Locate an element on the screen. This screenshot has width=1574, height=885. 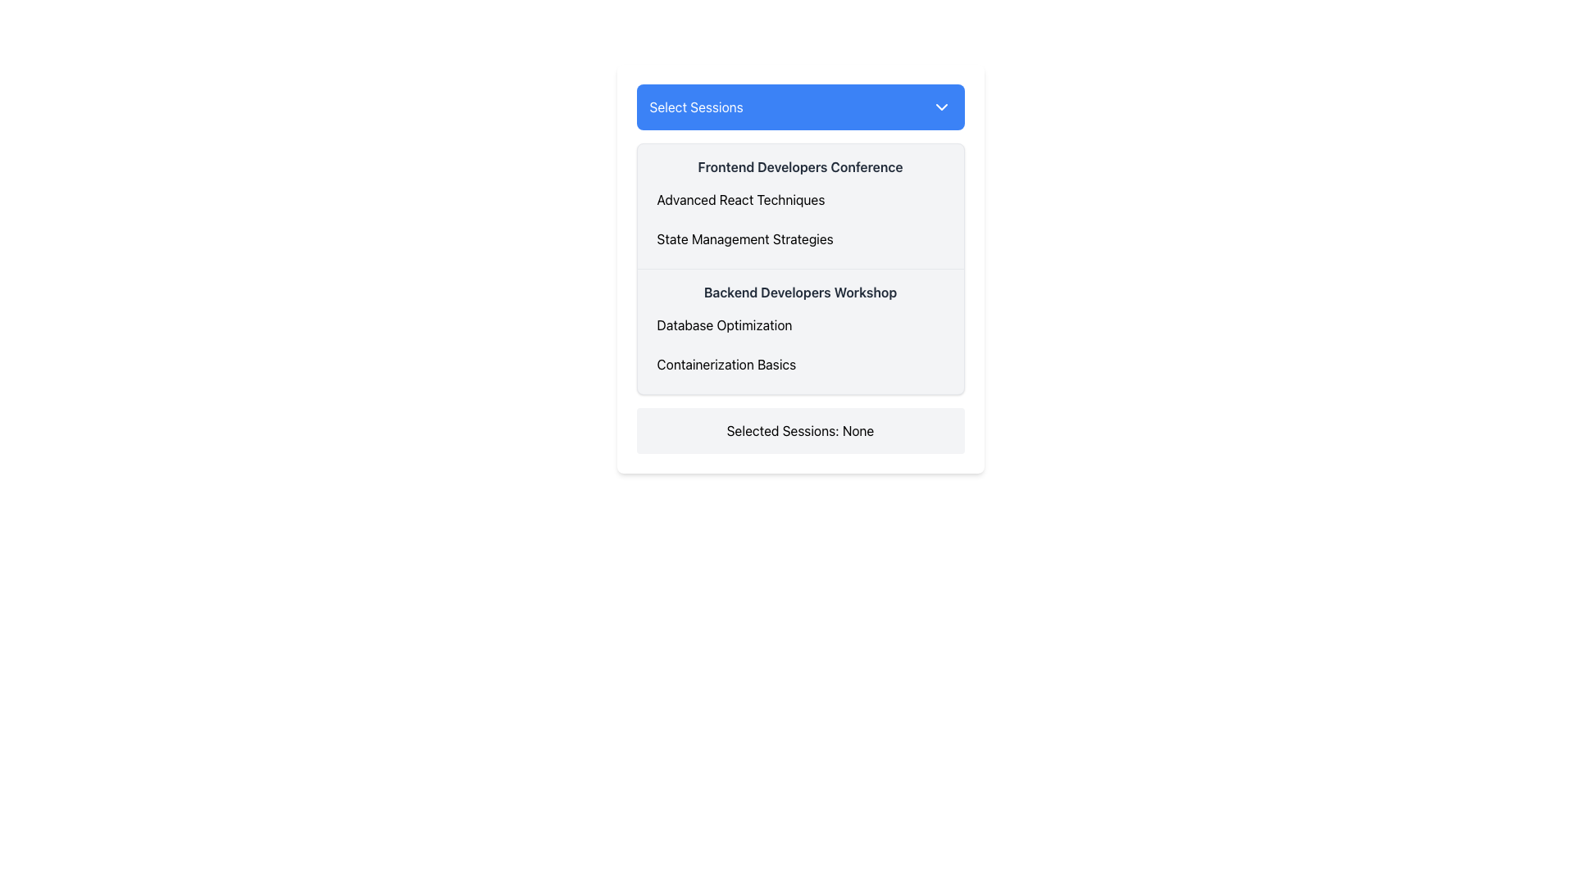
the 'Advanced React Techniques' session text label in the second position of the session selection panel under 'Select Sessions' for the Frontend Developers Conference is located at coordinates (739, 198).